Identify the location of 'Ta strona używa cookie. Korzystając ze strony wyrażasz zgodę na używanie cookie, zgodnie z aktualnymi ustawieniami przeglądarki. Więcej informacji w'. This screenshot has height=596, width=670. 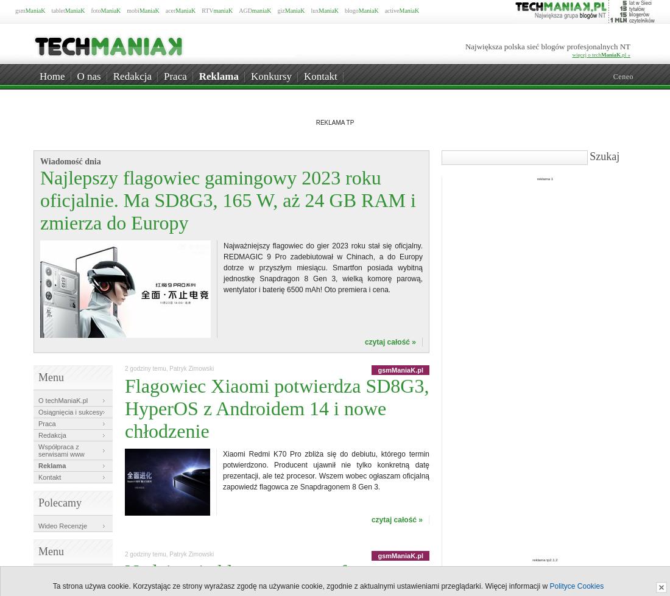
(301, 586).